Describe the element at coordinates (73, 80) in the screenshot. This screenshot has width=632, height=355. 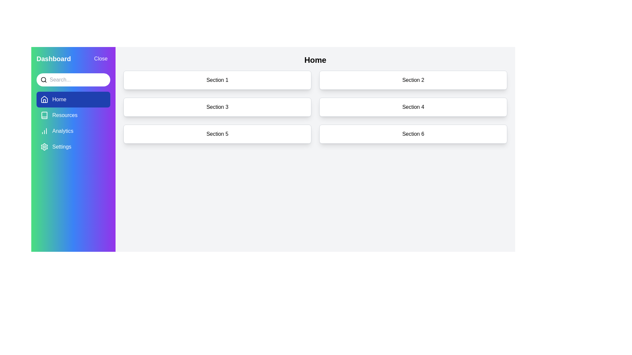
I see `the search input field to activate it for text entry` at that location.